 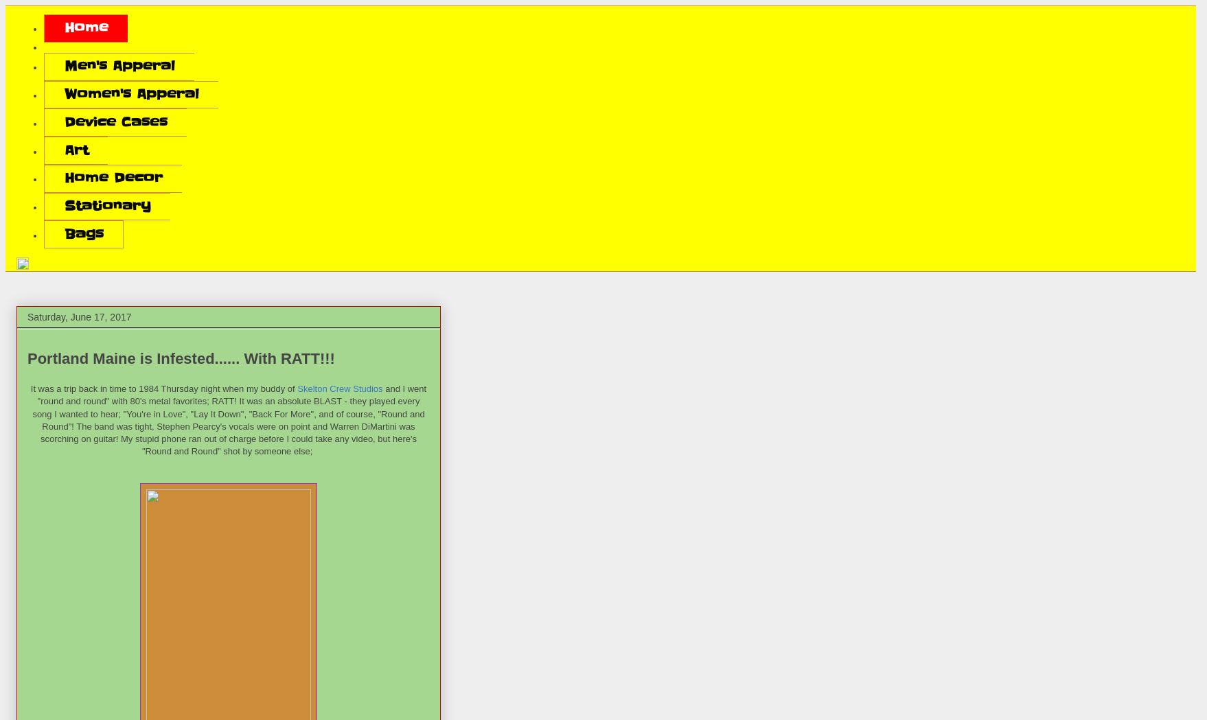 I want to click on 'Home Decor', so click(x=63, y=177).